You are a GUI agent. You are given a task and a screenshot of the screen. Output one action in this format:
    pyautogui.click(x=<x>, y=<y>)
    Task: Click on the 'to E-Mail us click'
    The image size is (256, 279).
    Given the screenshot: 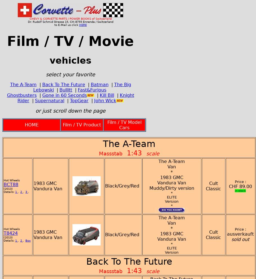 What is the action you would take?
    pyautogui.click(x=66, y=25)
    